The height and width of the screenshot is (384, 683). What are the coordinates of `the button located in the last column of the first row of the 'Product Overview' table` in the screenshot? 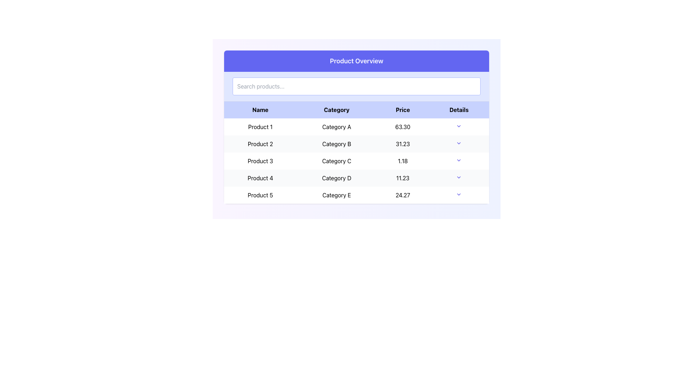 It's located at (459, 127).